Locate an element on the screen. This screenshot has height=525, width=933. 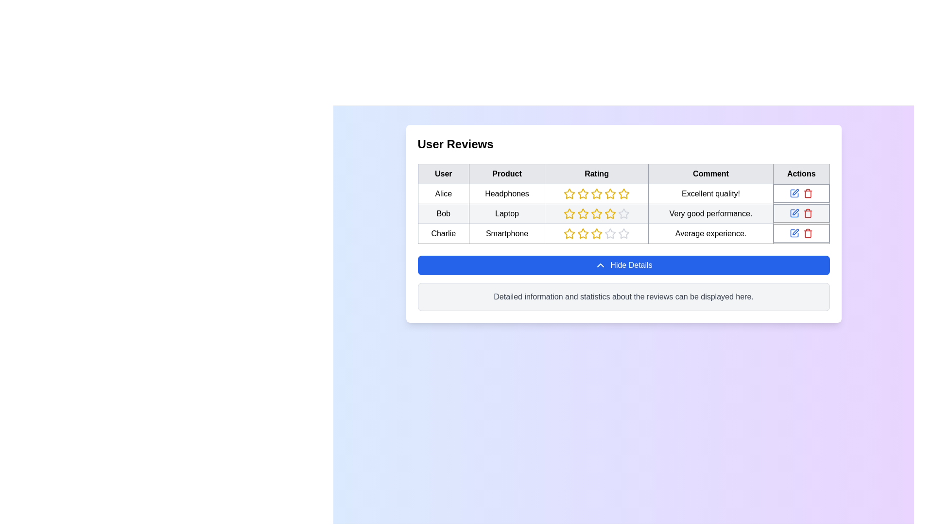
the first yellow star icon is located at coordinates (569, 193).